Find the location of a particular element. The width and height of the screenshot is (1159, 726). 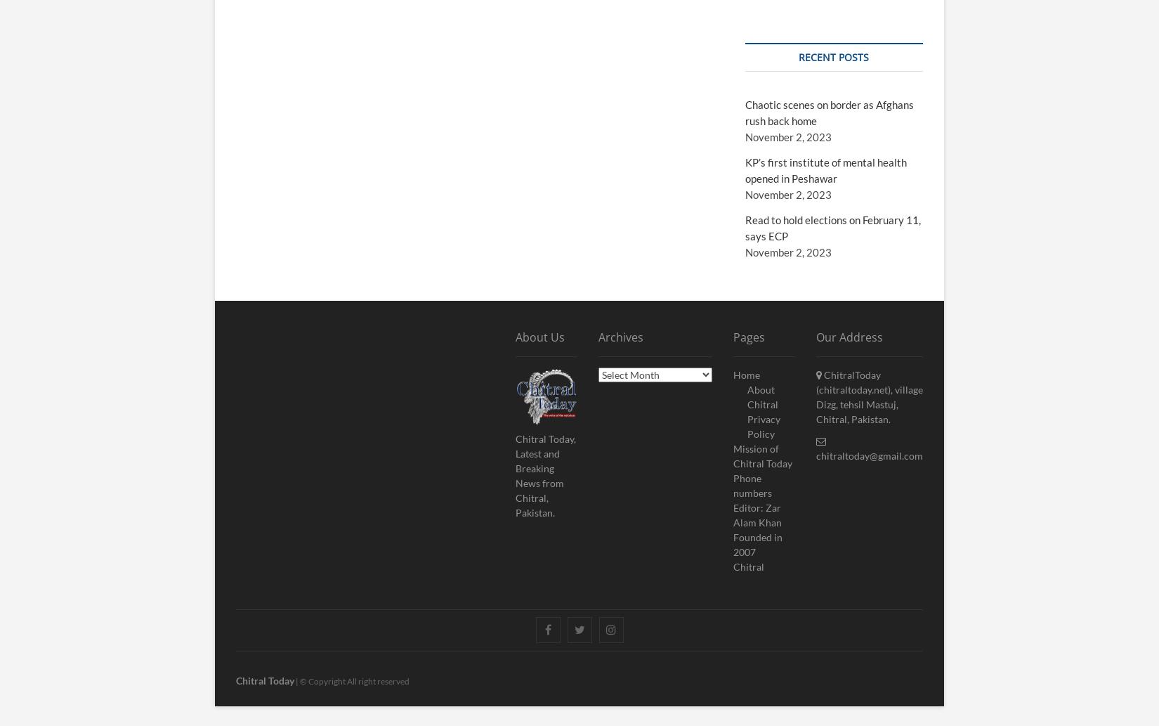

'Phone numbers' is located at coordinates (752, 485).